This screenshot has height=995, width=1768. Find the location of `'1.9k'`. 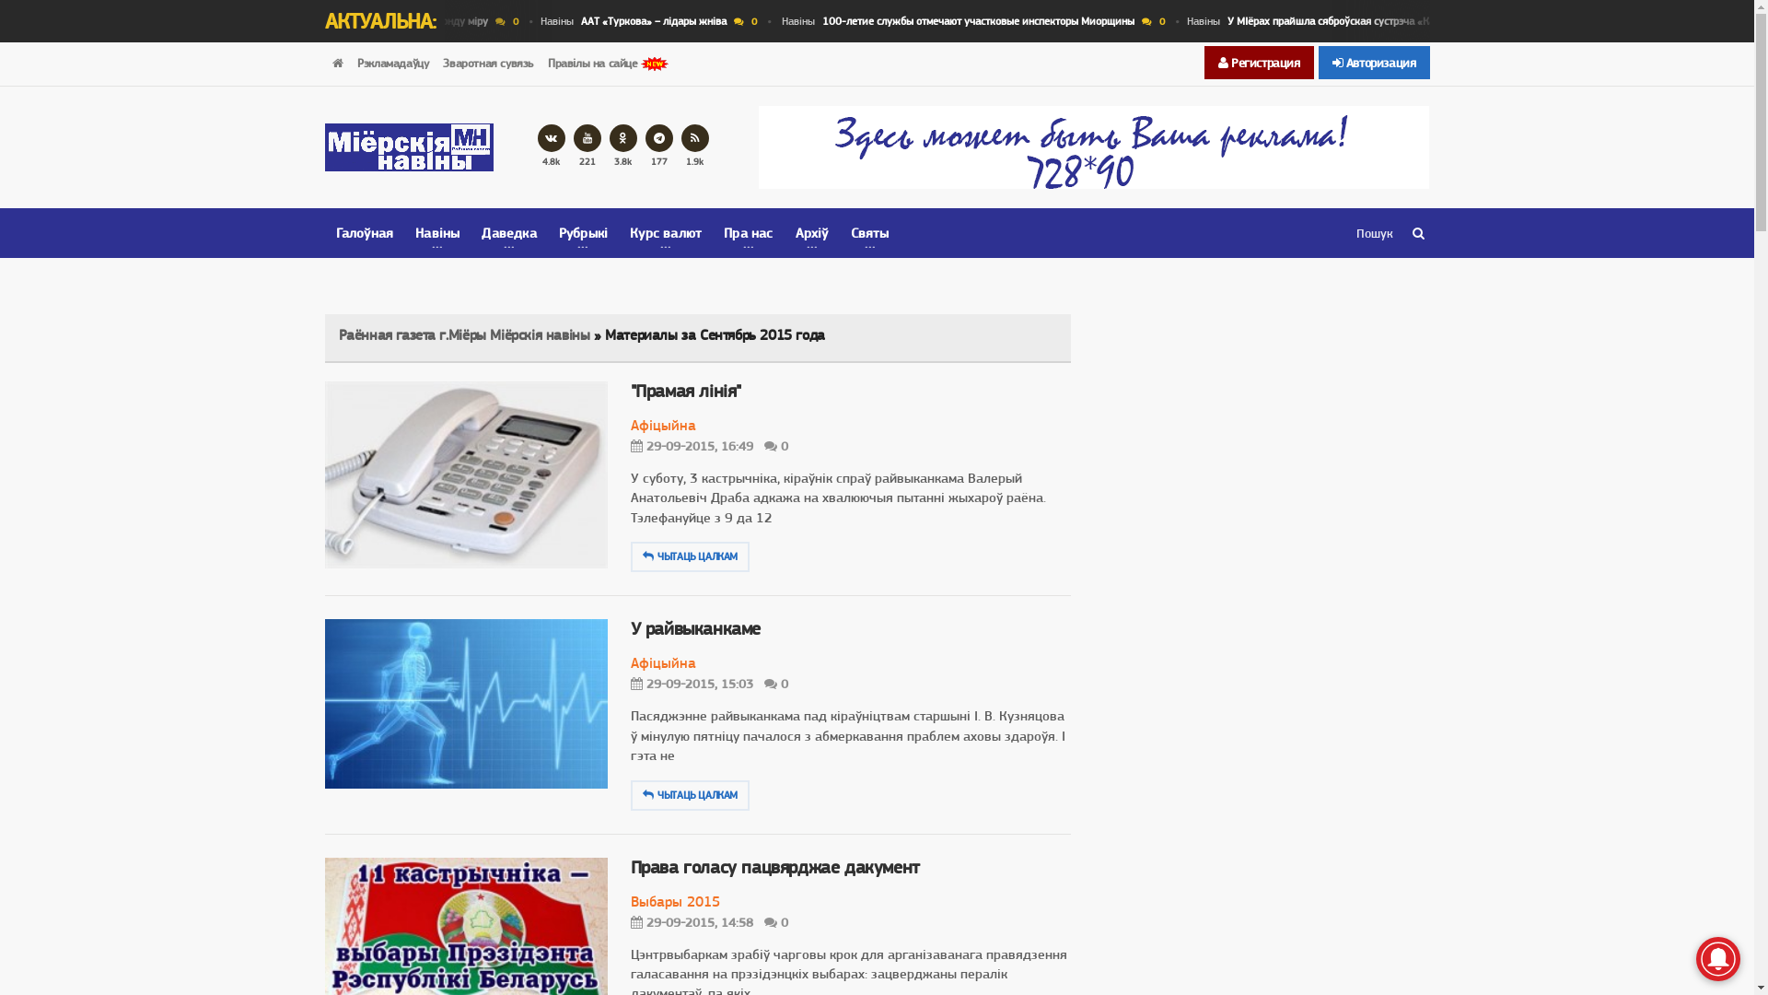

'1.9k' is located at coordinates (693, 145).